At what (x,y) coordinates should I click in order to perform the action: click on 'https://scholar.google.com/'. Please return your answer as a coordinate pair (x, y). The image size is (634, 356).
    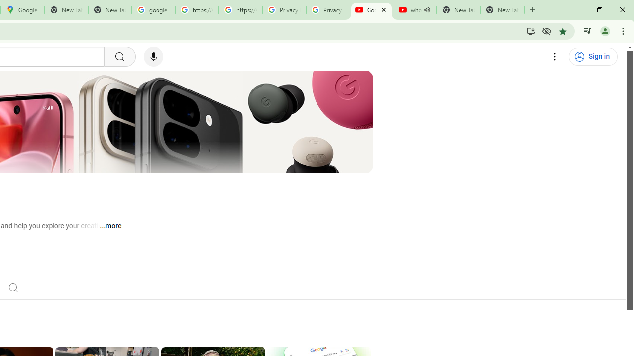
    Looking at the image, I should click on (240, 10).